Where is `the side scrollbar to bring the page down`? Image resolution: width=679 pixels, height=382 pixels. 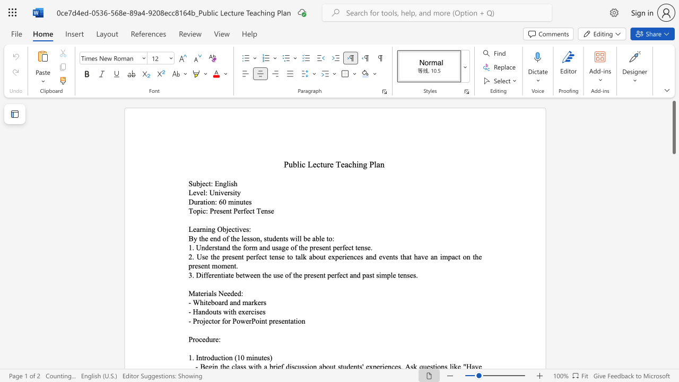
the side scrollbar to bring the page down is located at coordinates (673, 308).